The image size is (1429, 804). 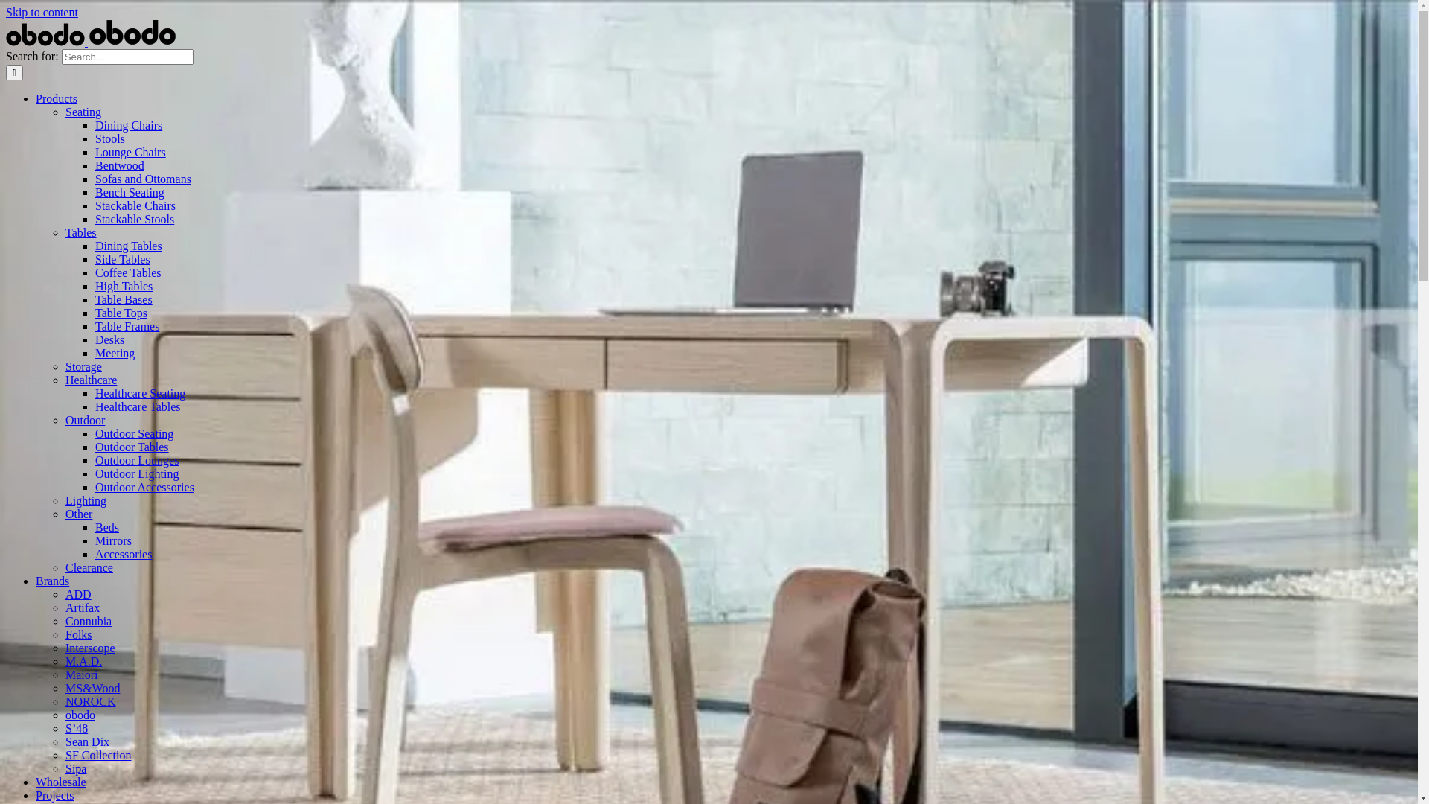 I want to click on 'Outdoor Seating', so click(x=134, y=433).